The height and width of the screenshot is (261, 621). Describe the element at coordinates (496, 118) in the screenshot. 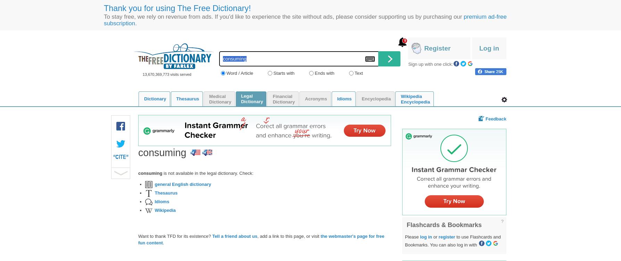

I see `'Feedback'` at that location.